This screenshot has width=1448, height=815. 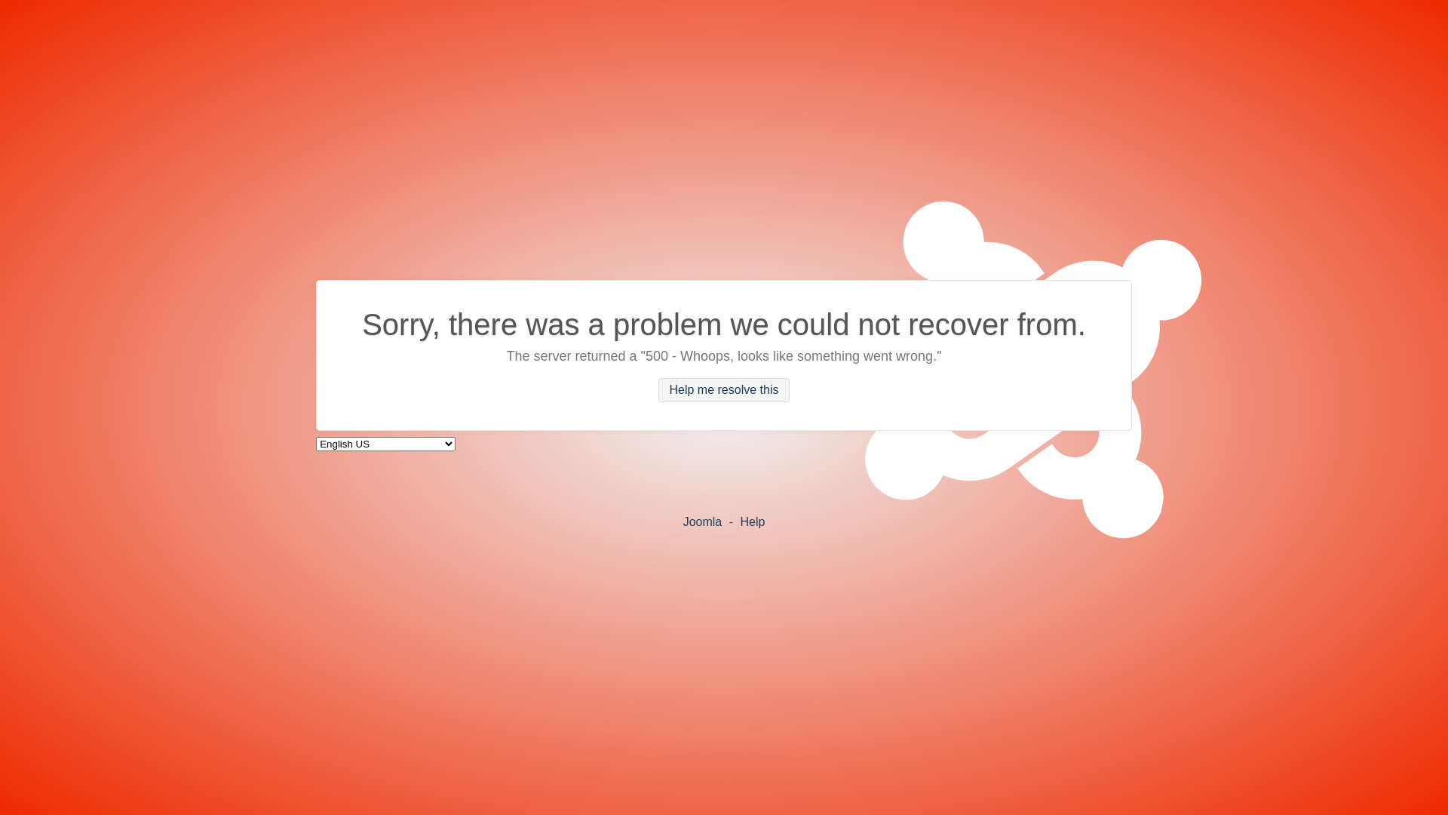 What do you see at coordinates (701, 520) in the screenshot?
I see `'Joomla'` at bounding box center [701, 520].